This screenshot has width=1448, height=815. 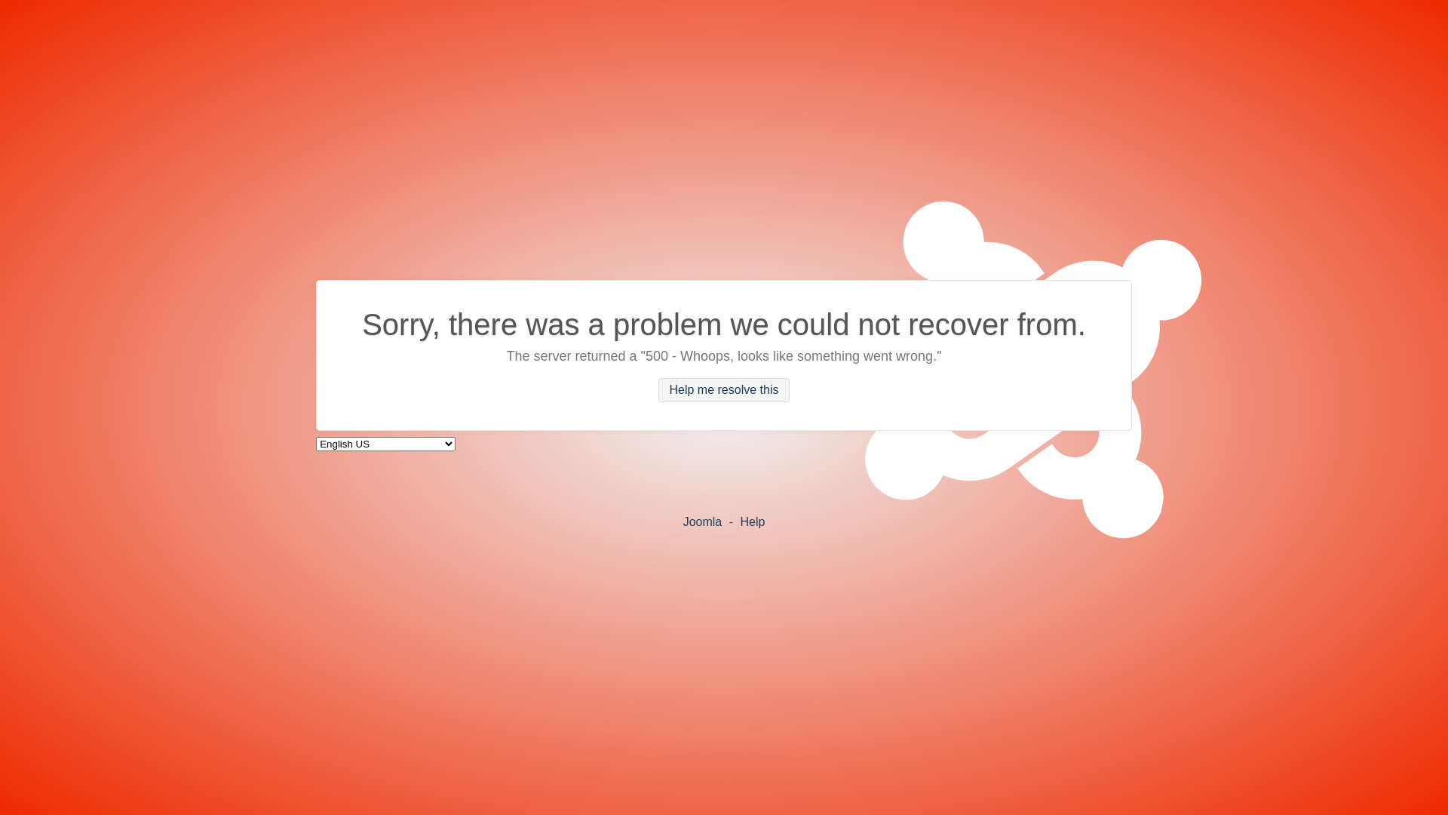 What do you see at coordinates (701, 520) in the screenshot?
I see `'Joomla'` at bounding box center [701, 520].